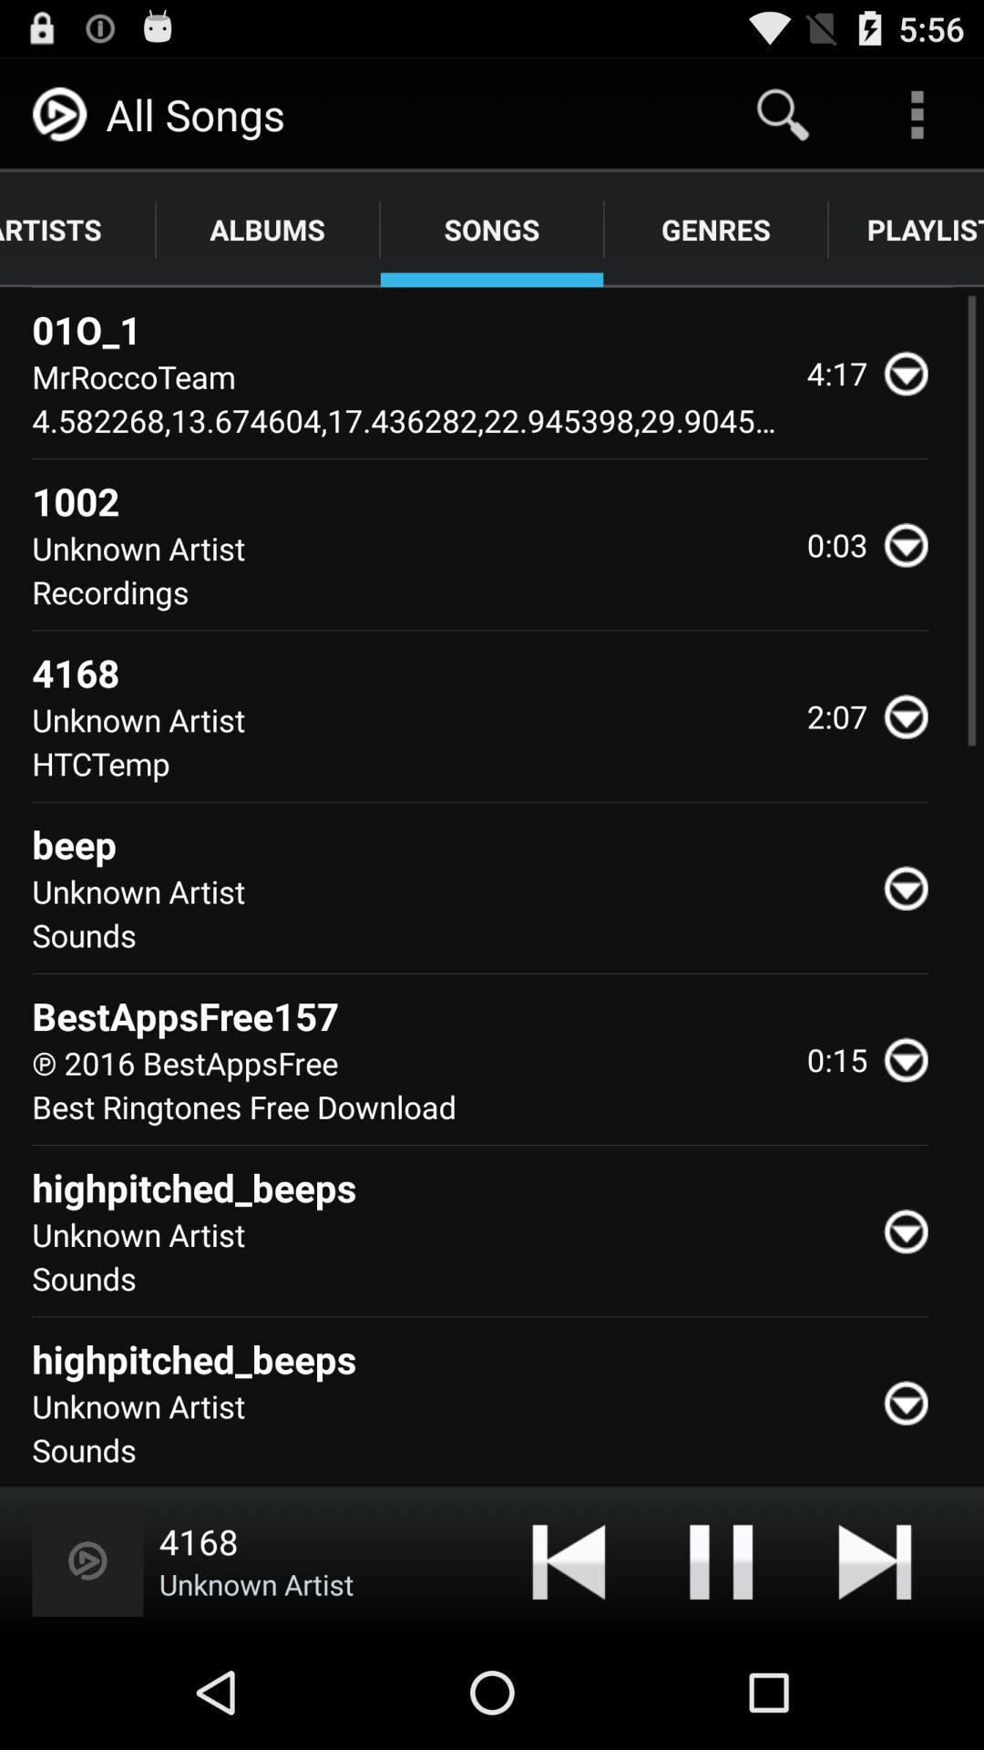  I want to click on the visibility icon, so click(914, 398).